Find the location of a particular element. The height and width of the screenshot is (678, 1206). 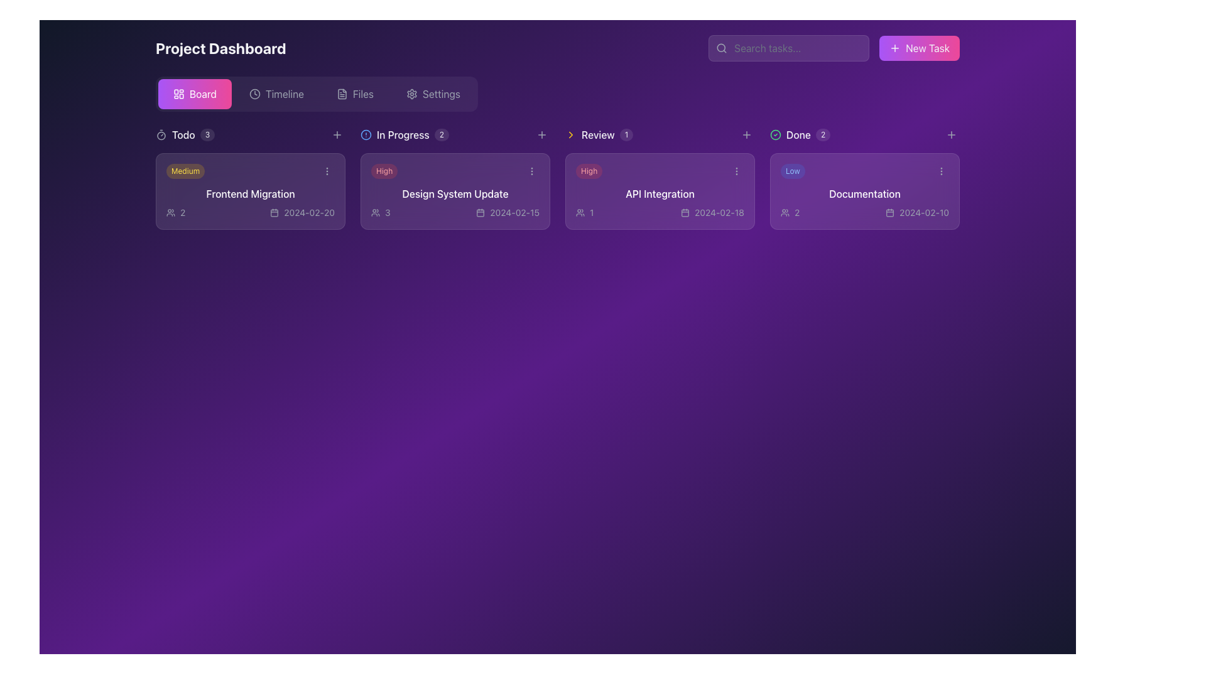

the circular shape that forms the outer outline of the checkmark icon in the 'Done' column header, located near the text label 'Done' is located at coordinates (774, 135).